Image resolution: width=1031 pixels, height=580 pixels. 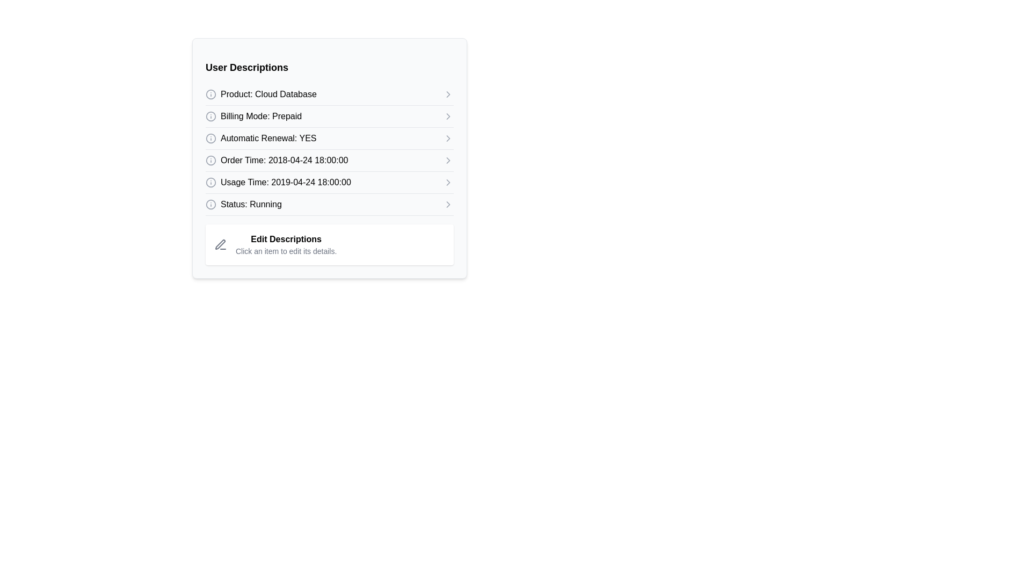 I want to click on the chevron-right icon located at the extreme right of the 'Billing Mode: Prepaid' row, so click(x=448, y=116).